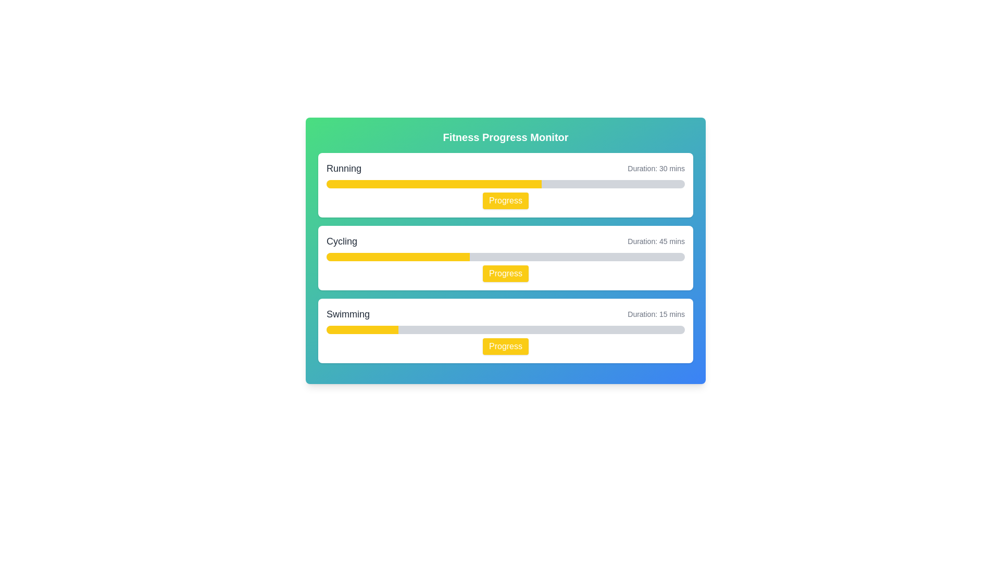 The image size is (1000, 562). Describe the element at coordinates (362, 329) in the screenshot. I see `the yellow progress indicator bar within the third progress bar labeled 'Swimming', which indicates low completion at 20%` at that location.